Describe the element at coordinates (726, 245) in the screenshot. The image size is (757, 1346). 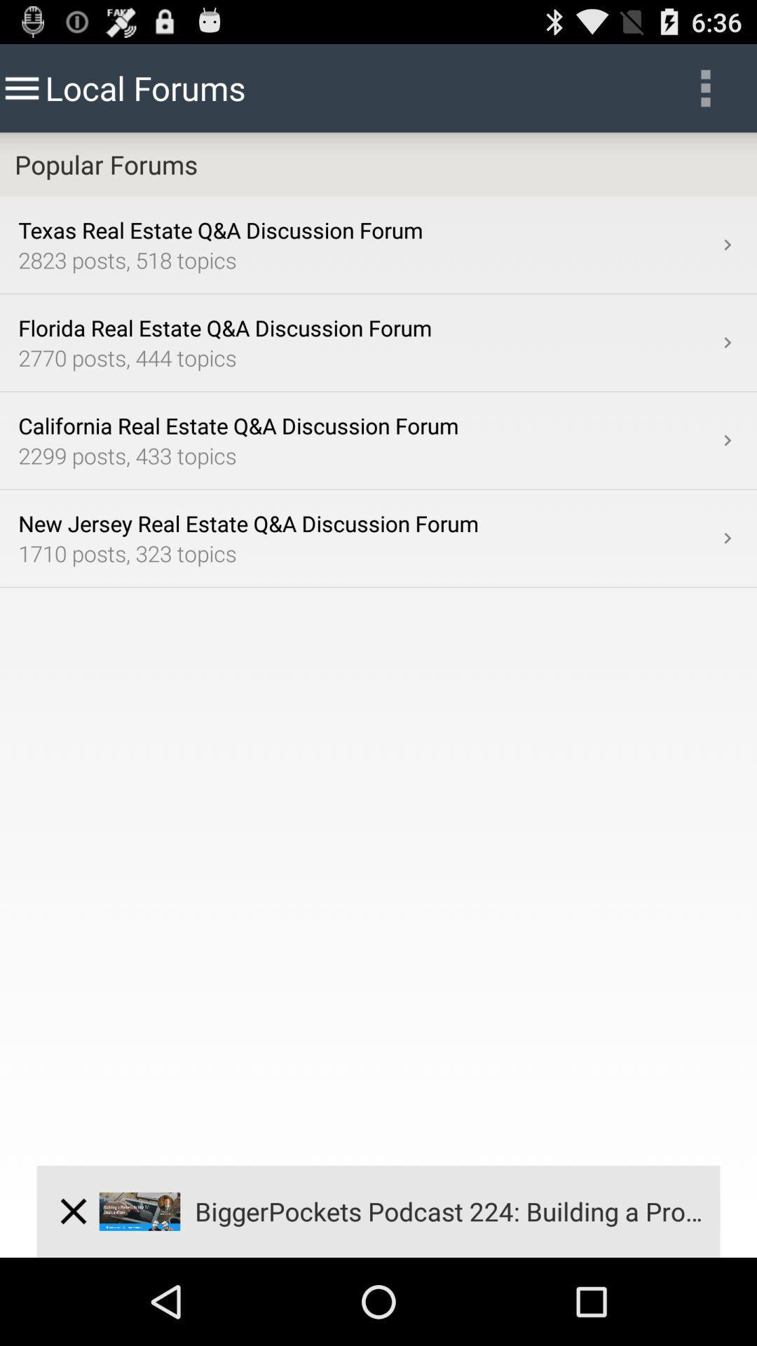
I see `the item next to the texas real estate app` at that location.